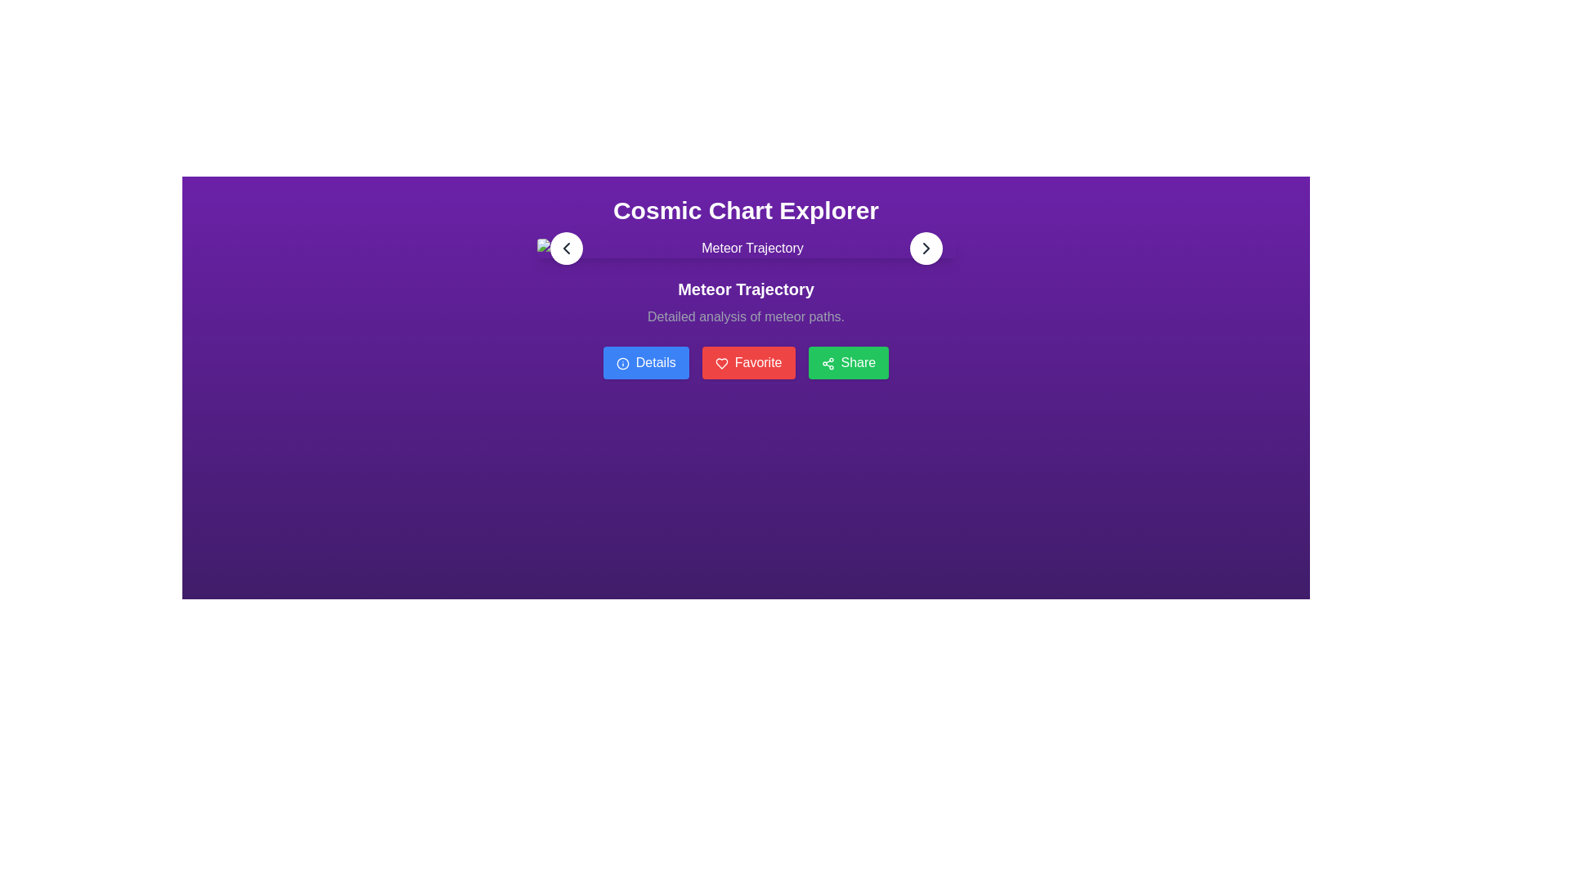  What do you see at coordinates (828, 362) in the screenshot?
I see `the green 'Share' button located at the bottom right of the action buttons row beneath the 'Meteor Trajectory' title` at bounding box center [828, 362].